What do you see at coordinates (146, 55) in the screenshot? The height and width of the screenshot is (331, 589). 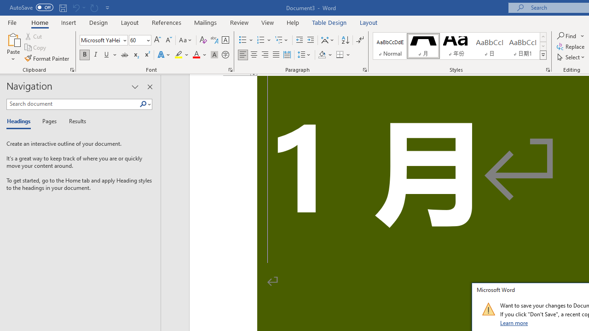 I see `'Superscript'` at bounding box center [146, 55].